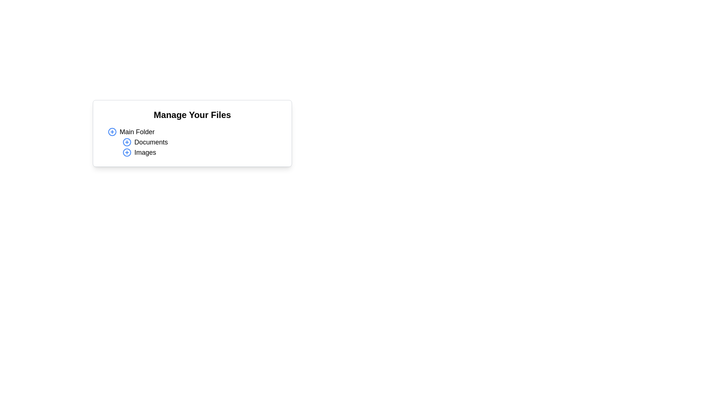 This screenshot has height=397, width=707. Describe the element at coordinates (112, 131) in the screenshot. I see `the blue circular icon with a plus sign inside, located next to the text 'Main Folder'` at that location.